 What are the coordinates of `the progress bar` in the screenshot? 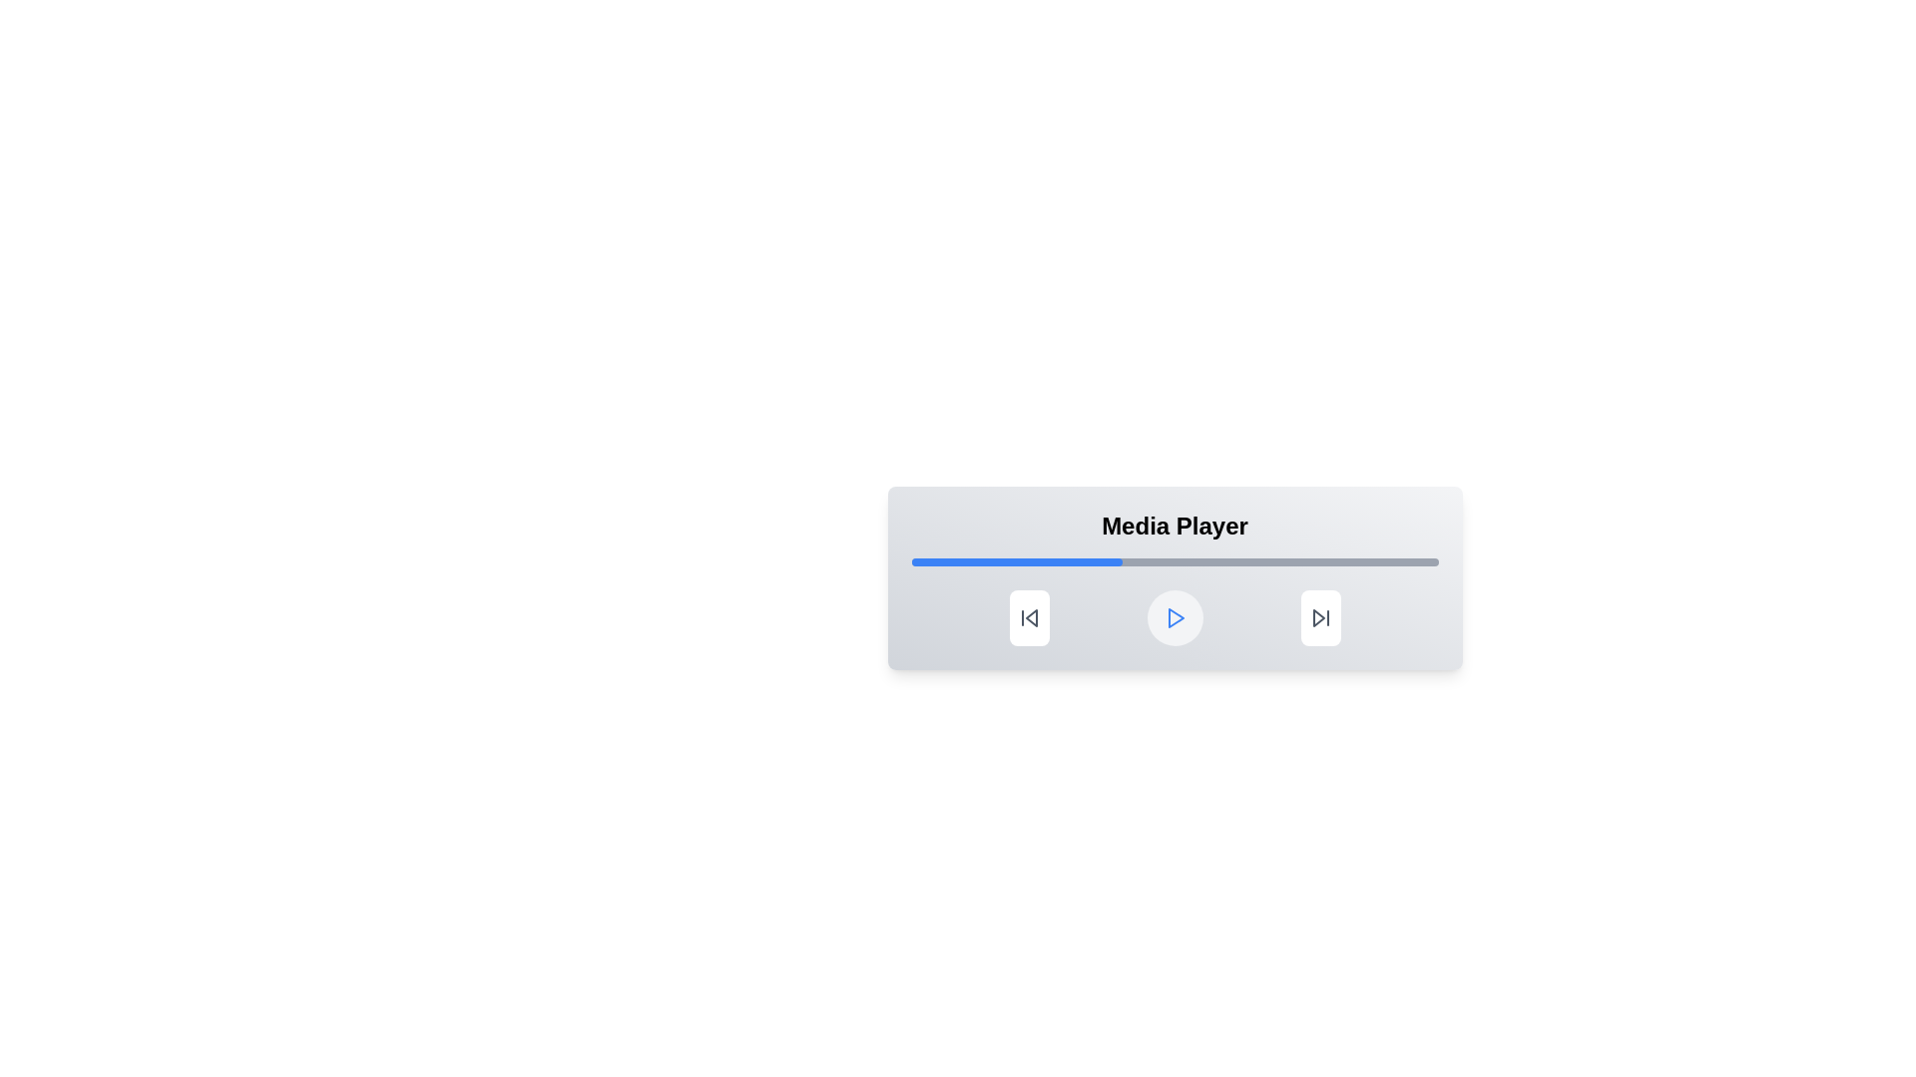 It's located at (1258, 561).